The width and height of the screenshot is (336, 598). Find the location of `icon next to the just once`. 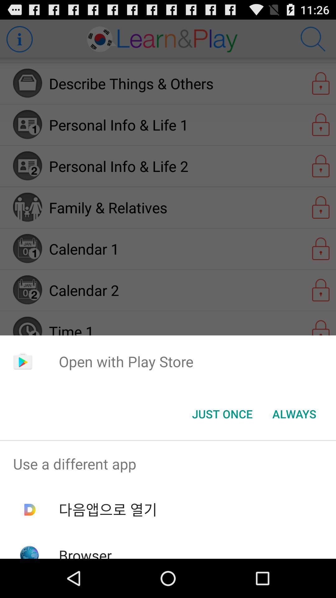

icon next to the just once is located at coordinates (294, 414).